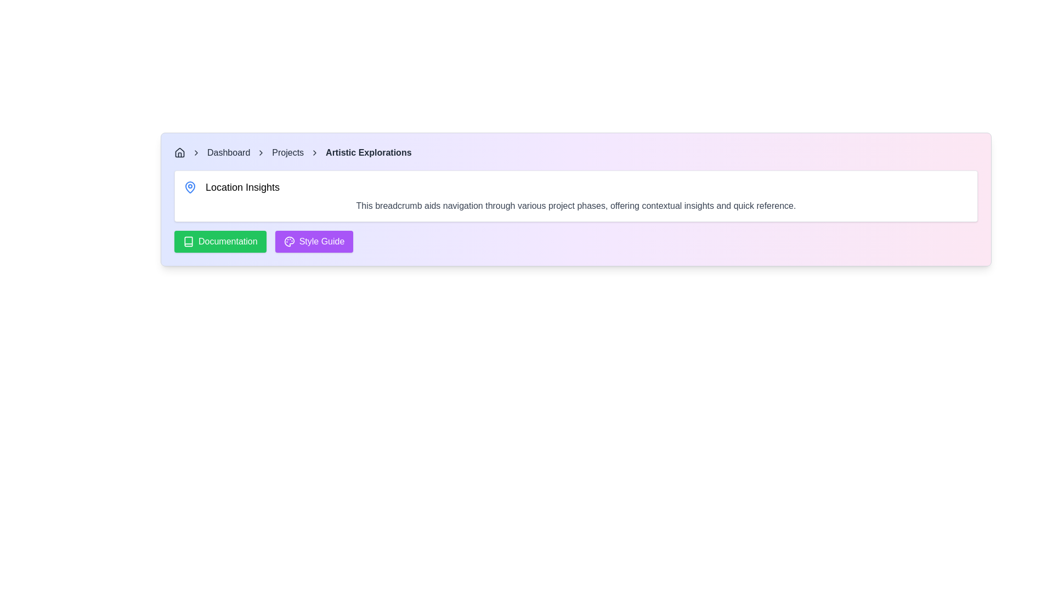 The width and height of the screenshot is (1053, 592). Describe the element at coordinates (288, 152) in the screenshot. I see `the 'Projects' text label in the breadcrumb navigation bar` at that location.